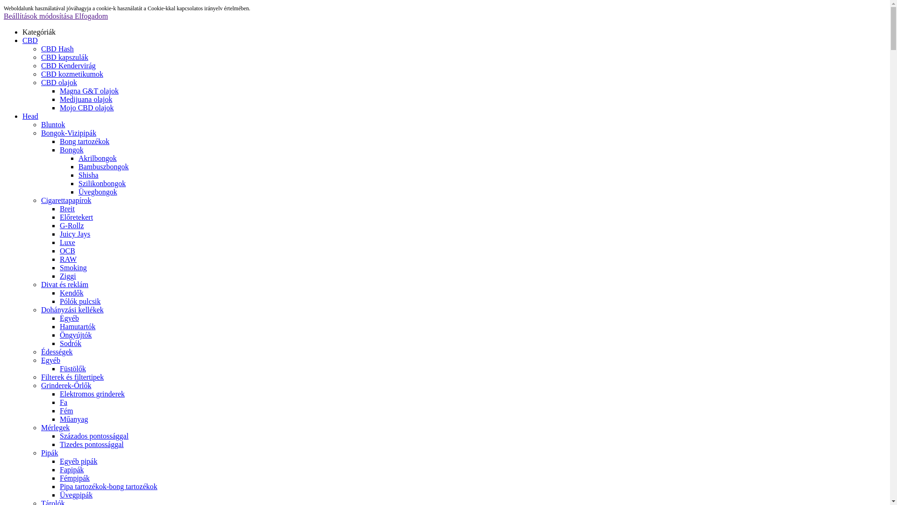  Describe the element at coordinates (91, 16) in the screenshot. I see `'Elfogadom'` at that location.